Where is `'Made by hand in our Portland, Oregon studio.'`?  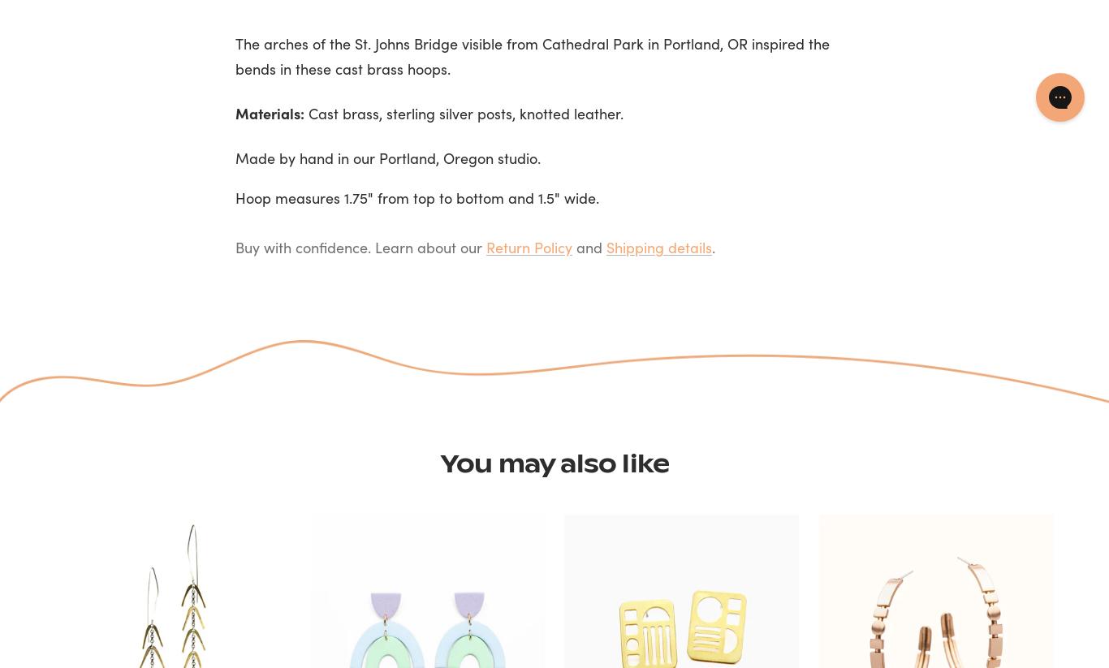 'Made by hand in our Portland, Oregon studio.' is located at coordinates (235, 157).